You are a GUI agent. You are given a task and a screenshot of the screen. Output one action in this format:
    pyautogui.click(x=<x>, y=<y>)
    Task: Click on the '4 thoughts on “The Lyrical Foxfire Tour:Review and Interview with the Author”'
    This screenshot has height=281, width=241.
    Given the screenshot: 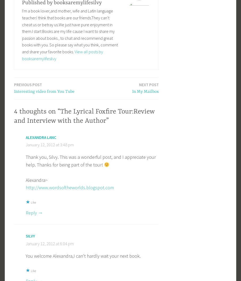 What is the action you would take?
    pyautogui.click(x=84, y=116)
    